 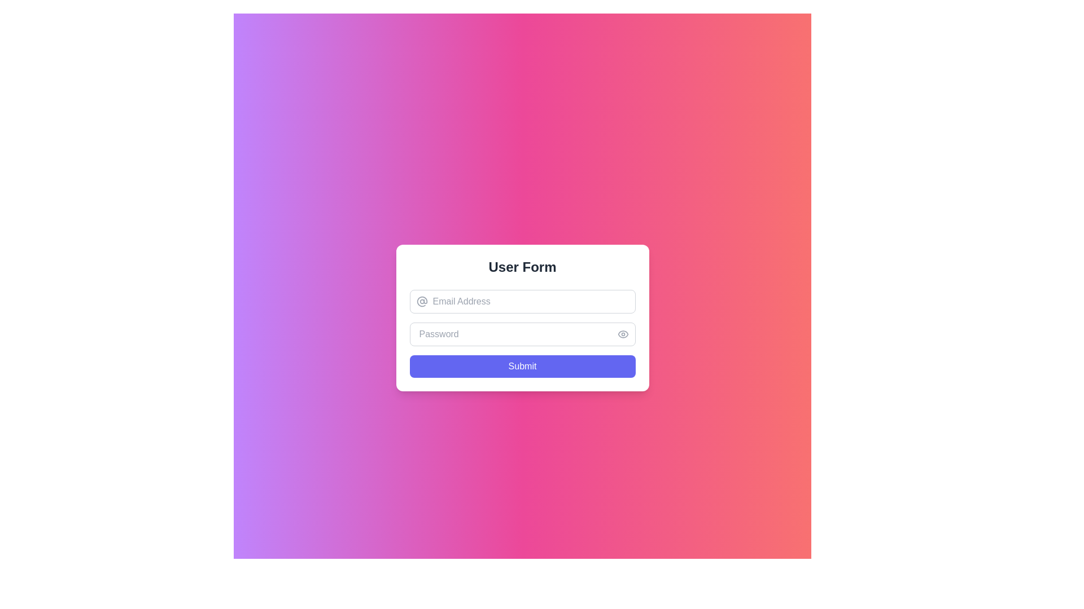 I want to click on the eye icon button located on the right side of the password input field, so click(x=622, y=334).